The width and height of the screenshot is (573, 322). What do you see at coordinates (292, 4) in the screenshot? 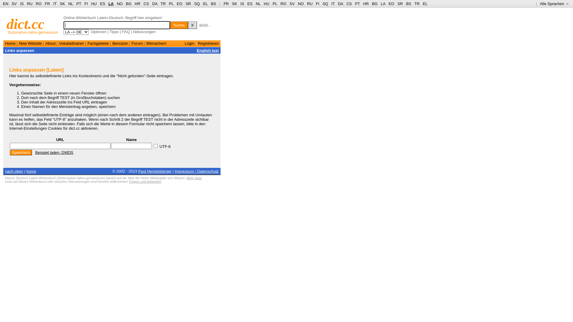
I see `'SV'` at bounding box center [292, 4].